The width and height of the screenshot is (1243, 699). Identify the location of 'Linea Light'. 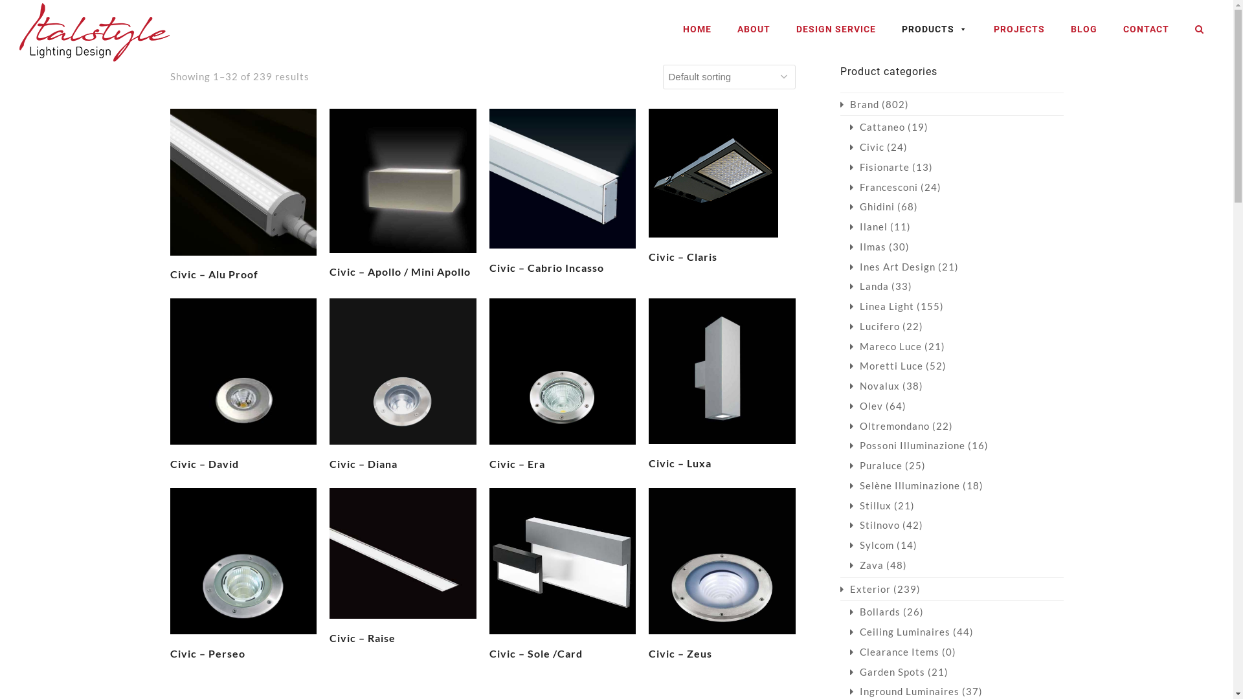
(849, 306).